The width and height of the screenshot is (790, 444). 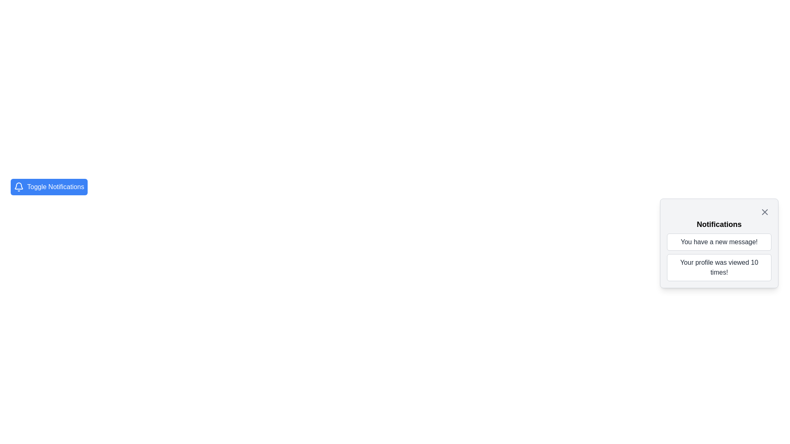 I want to click on the static text notification box that displays the message 'You have a new message!' located in the top-right corner of the notification modal, so click(x=718, y=242).